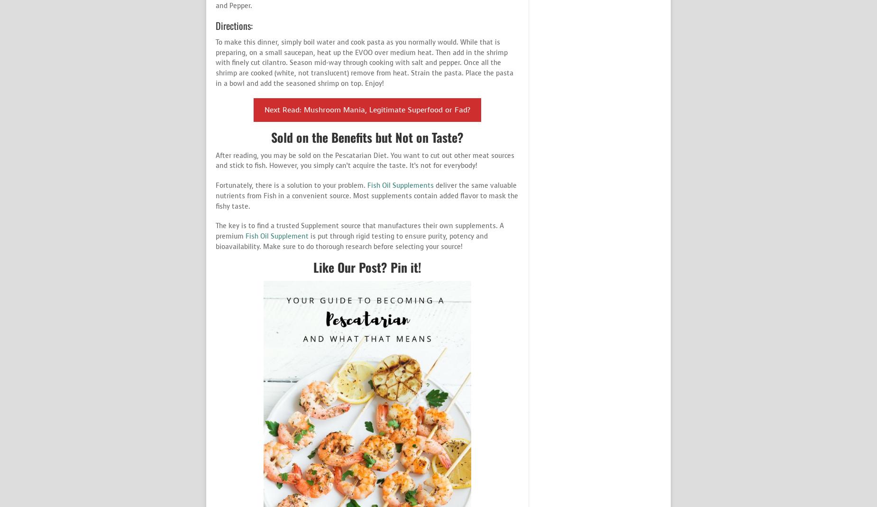 The image size is (877, 507). What do you see at coordinates (234, 25) in the screenshot?
I see `'Directions:'` at bounding box center [234, 25].